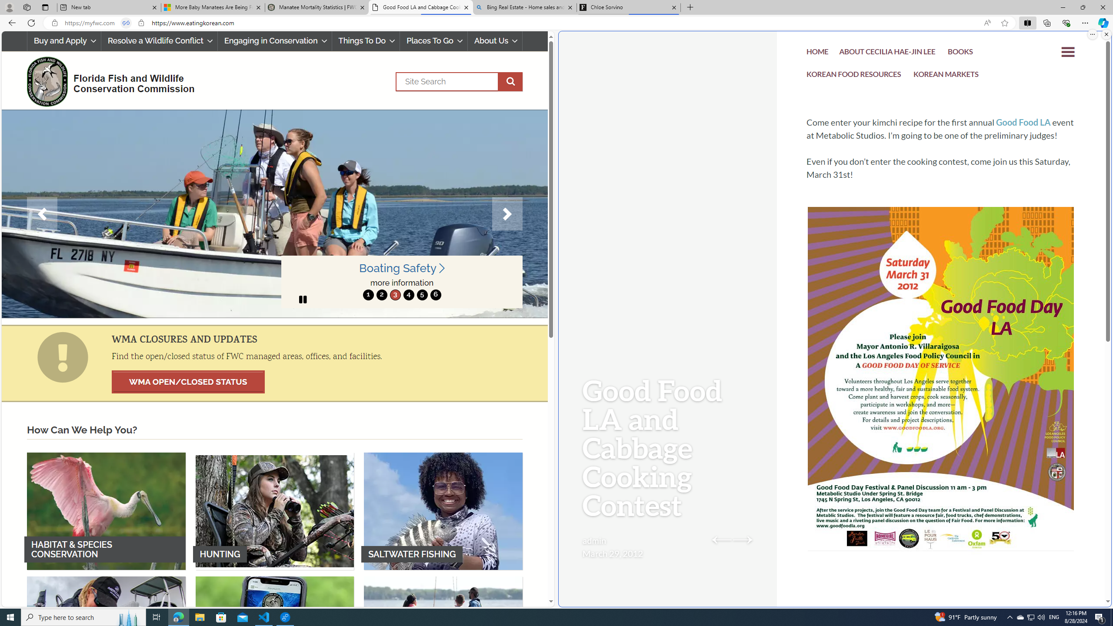 This screenshot has height=626, width=1113. Describe the element at coordinates (395, 294) in the screenshot. I see `'3'` at that location.